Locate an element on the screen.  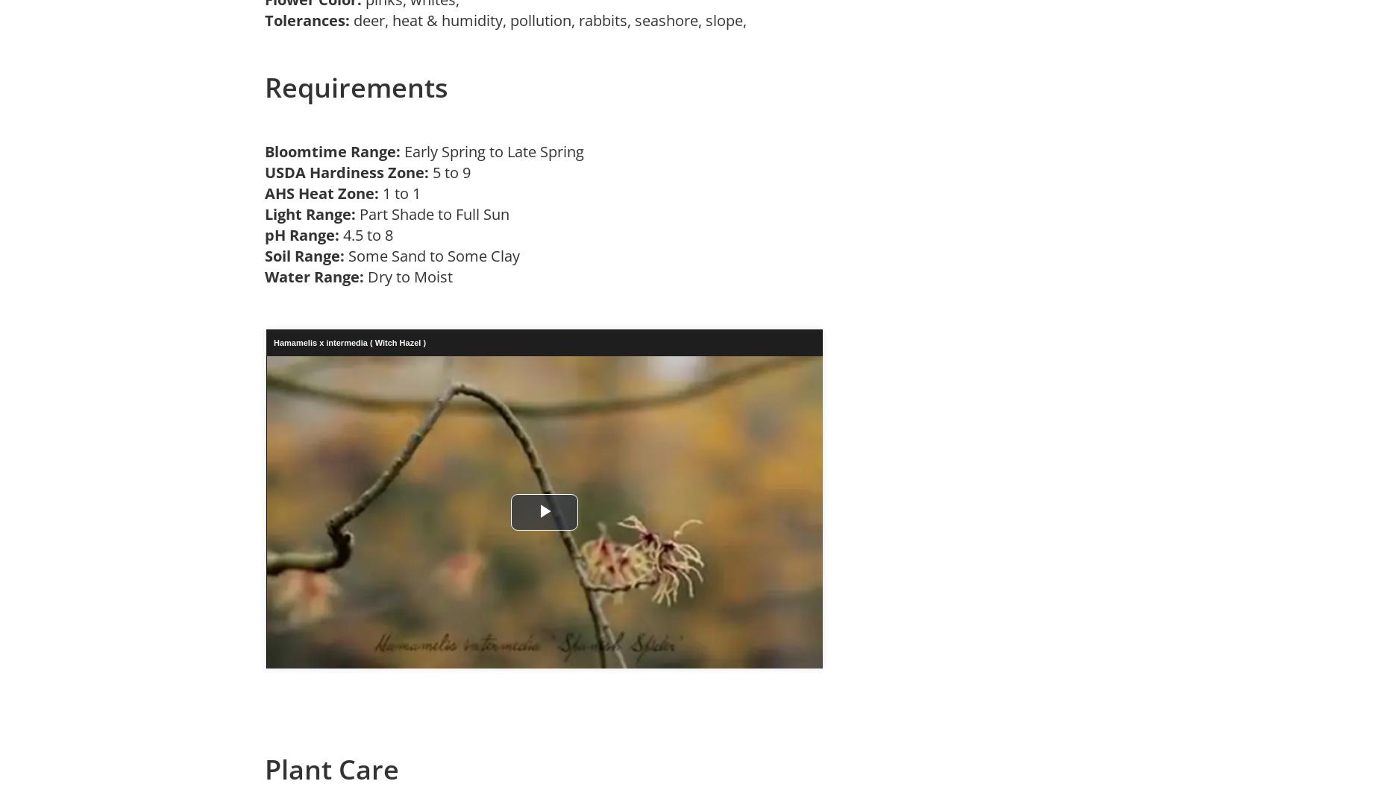
'Dry to Moist' is located at coordinates (412, 275).